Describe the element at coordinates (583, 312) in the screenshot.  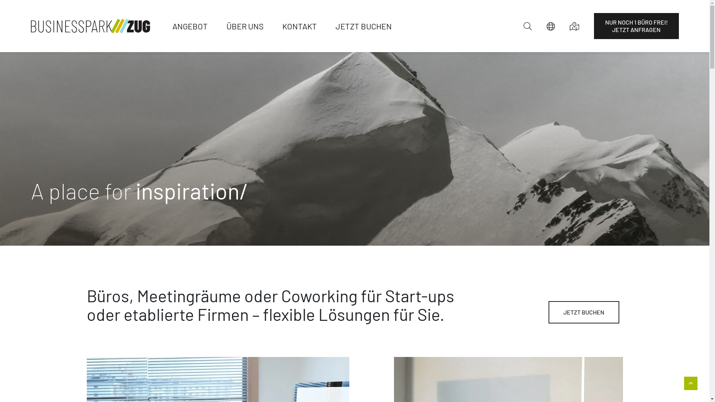
I see `'JETZT BUCHEN'` at that location.